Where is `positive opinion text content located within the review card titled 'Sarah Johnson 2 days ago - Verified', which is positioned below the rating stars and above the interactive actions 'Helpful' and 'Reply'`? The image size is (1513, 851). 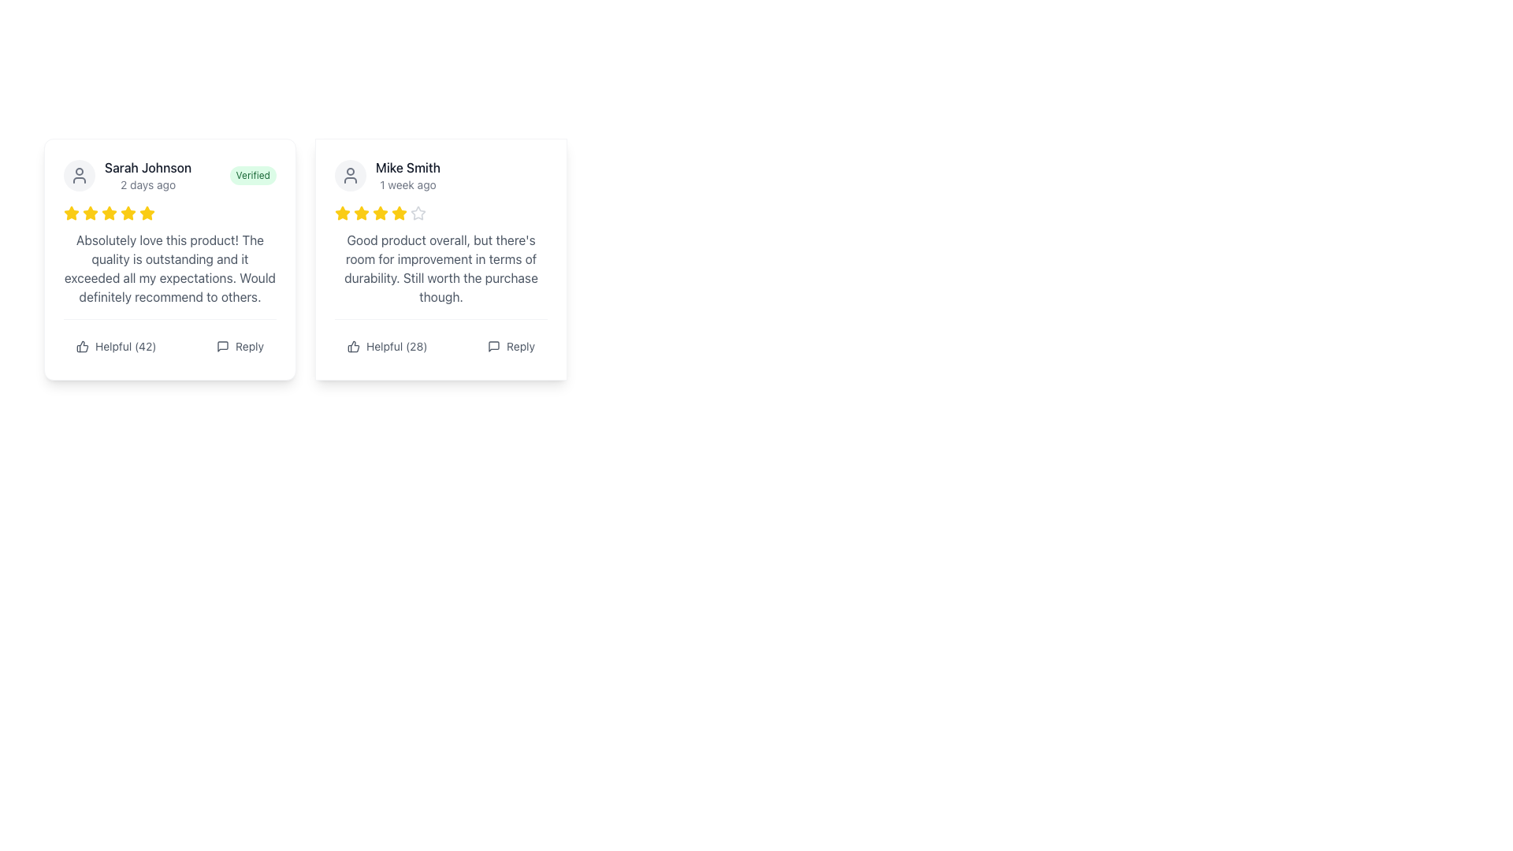 positive opinion text content located within the review card titled 'Sarah Johnson 2 days ago - Verified', which is positioned below the rating stars and above the interactive actions 'Helpful' and 'Reply' is located at coordinates (170, 267).